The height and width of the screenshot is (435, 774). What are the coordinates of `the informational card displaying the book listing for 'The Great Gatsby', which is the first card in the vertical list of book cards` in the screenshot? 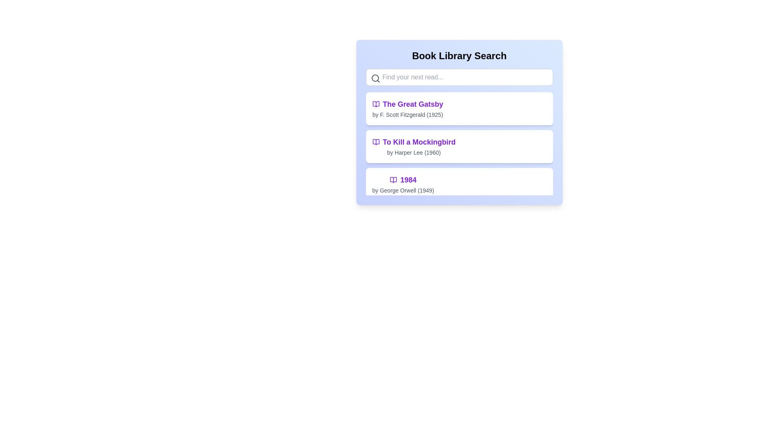 It's located at (459, 109).